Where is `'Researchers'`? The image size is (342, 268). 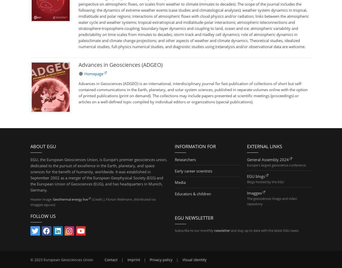 'Researchers' is located at coordinates (185, 159).